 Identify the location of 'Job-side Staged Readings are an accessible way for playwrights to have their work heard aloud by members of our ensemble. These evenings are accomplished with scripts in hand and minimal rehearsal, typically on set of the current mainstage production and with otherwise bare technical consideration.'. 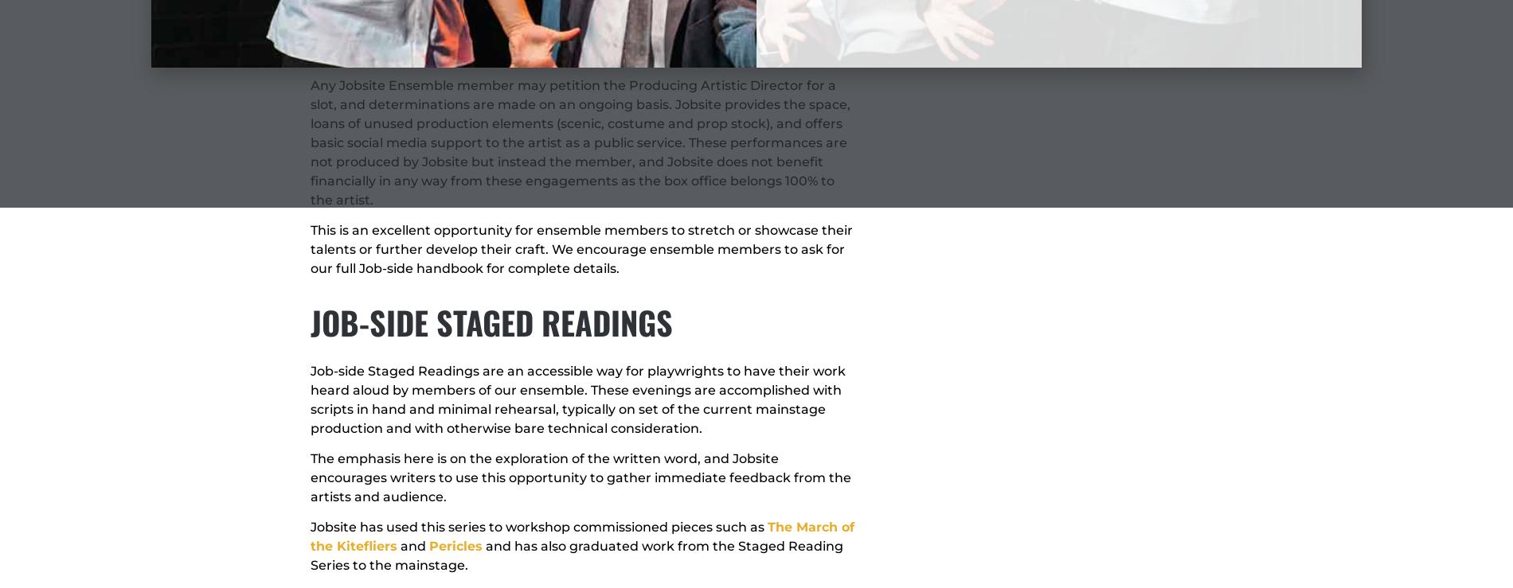
(577, 398).